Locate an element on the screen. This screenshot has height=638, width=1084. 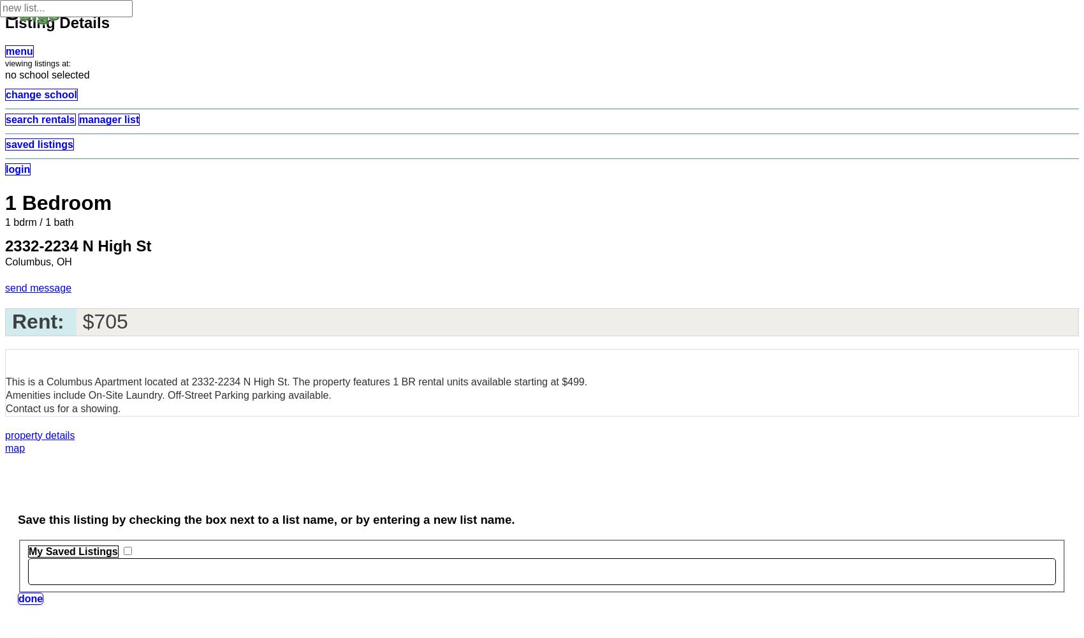
'menu' is located at coordinates (18, 50).